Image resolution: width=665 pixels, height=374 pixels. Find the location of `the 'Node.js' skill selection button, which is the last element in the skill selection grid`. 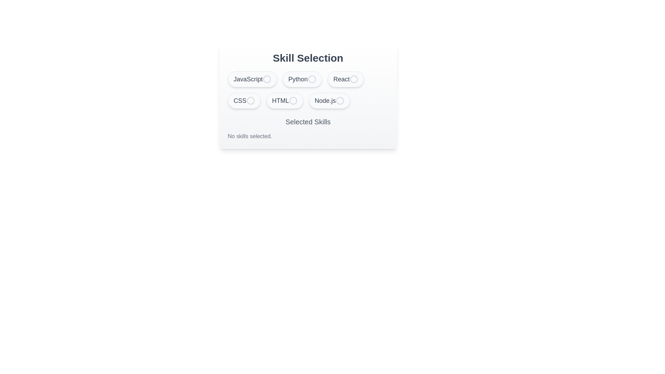

the 'Node.js' skill selection button, which is the last element in the skill selection grid is located at coordinates (329, 100).